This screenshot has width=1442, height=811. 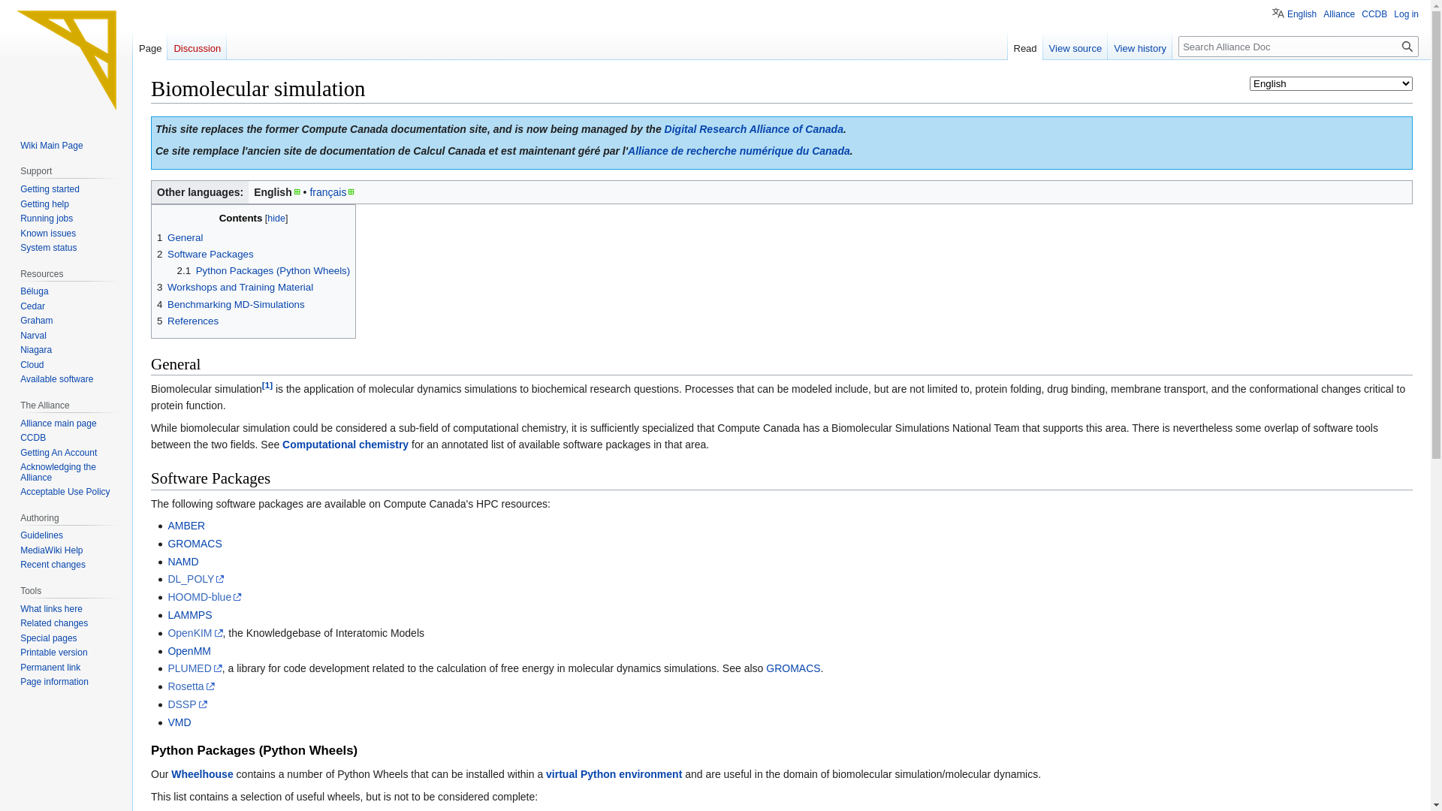 What do you see at coordinates (267, 384) in the screenshot?
I see `'[1]'` at bounding box center [267, 384].